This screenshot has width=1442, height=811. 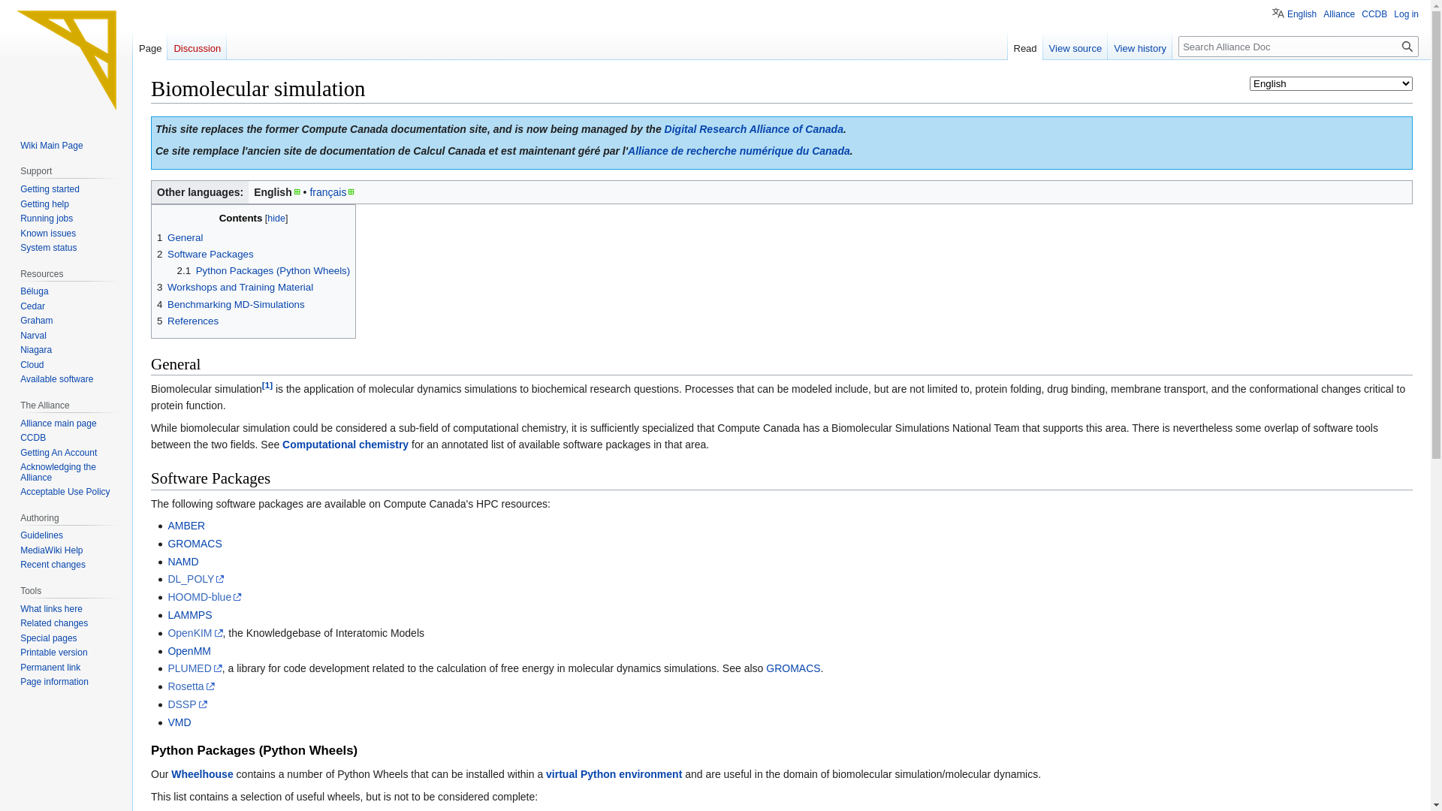 What do you see at coordinates (267, 384) in the screenshot?
I see `'[1]'` at bounding box center [267, 384].